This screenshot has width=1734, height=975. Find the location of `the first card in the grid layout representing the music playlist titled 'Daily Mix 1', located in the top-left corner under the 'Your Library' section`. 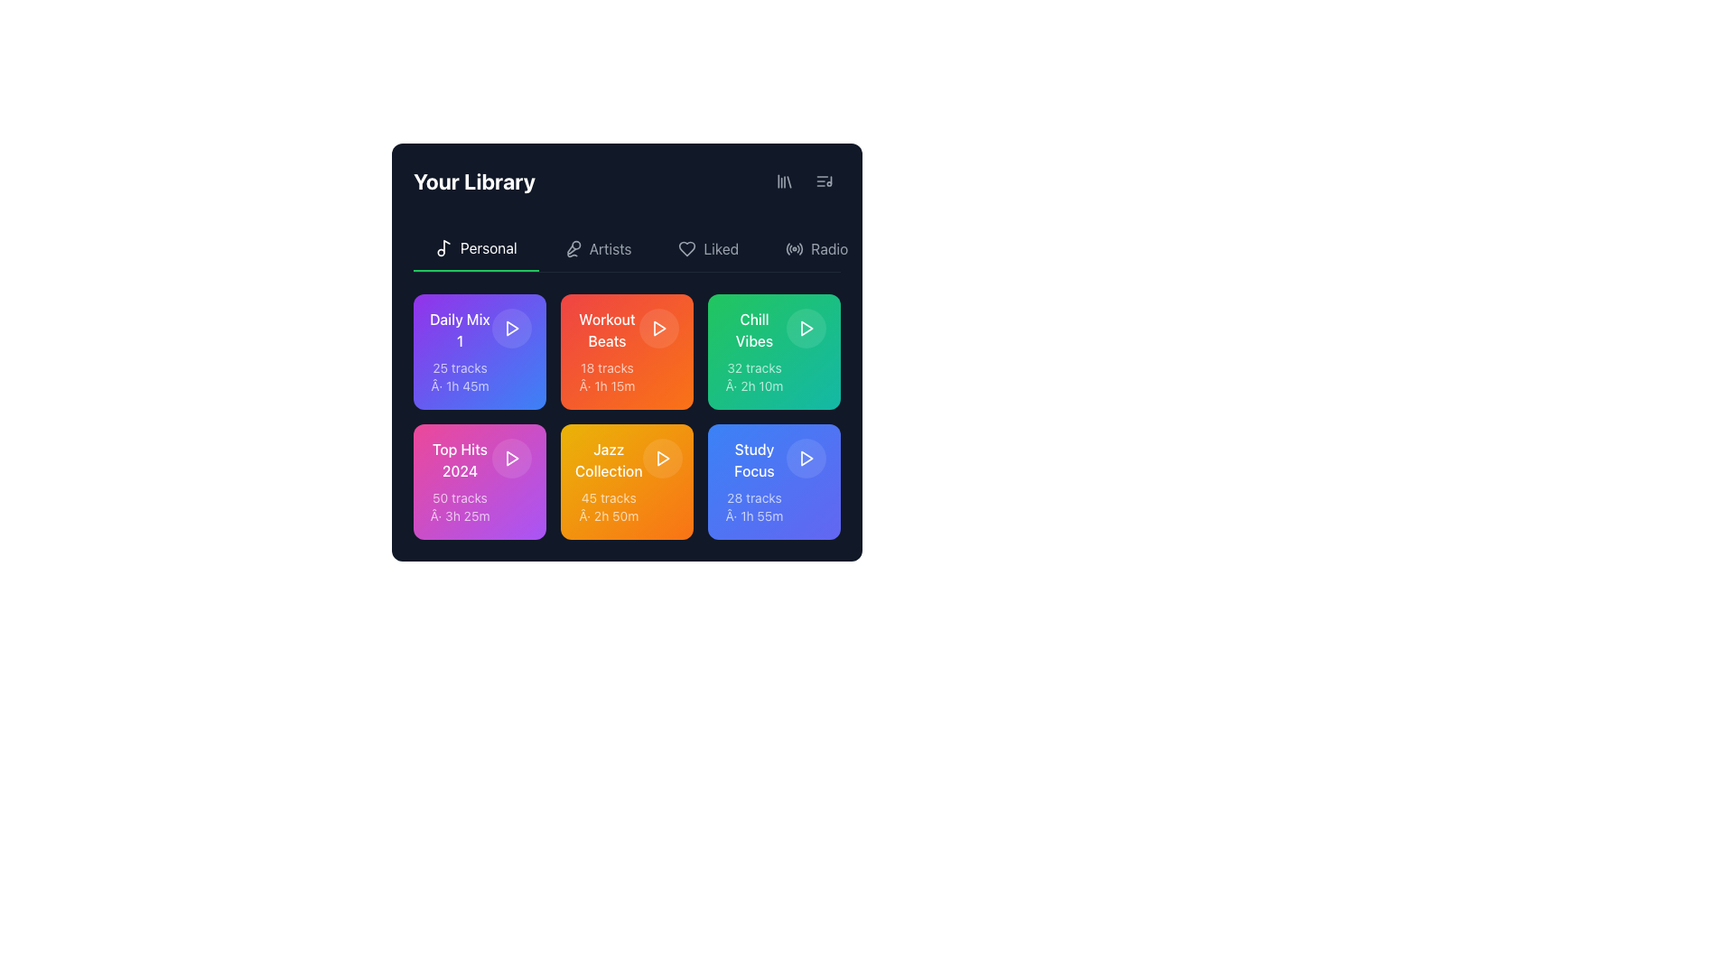

the first card in the grid layout representing the music playlist titled 'Daily Mix 1', located in the top-left corner under the 'Your Library' section is located at coordinates (460, 351).